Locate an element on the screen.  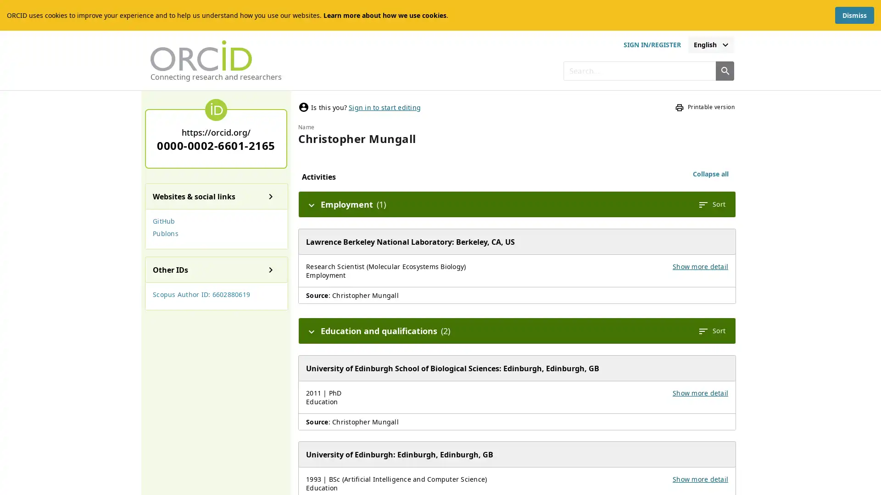
Hide details is located at coordinates (311, 330).